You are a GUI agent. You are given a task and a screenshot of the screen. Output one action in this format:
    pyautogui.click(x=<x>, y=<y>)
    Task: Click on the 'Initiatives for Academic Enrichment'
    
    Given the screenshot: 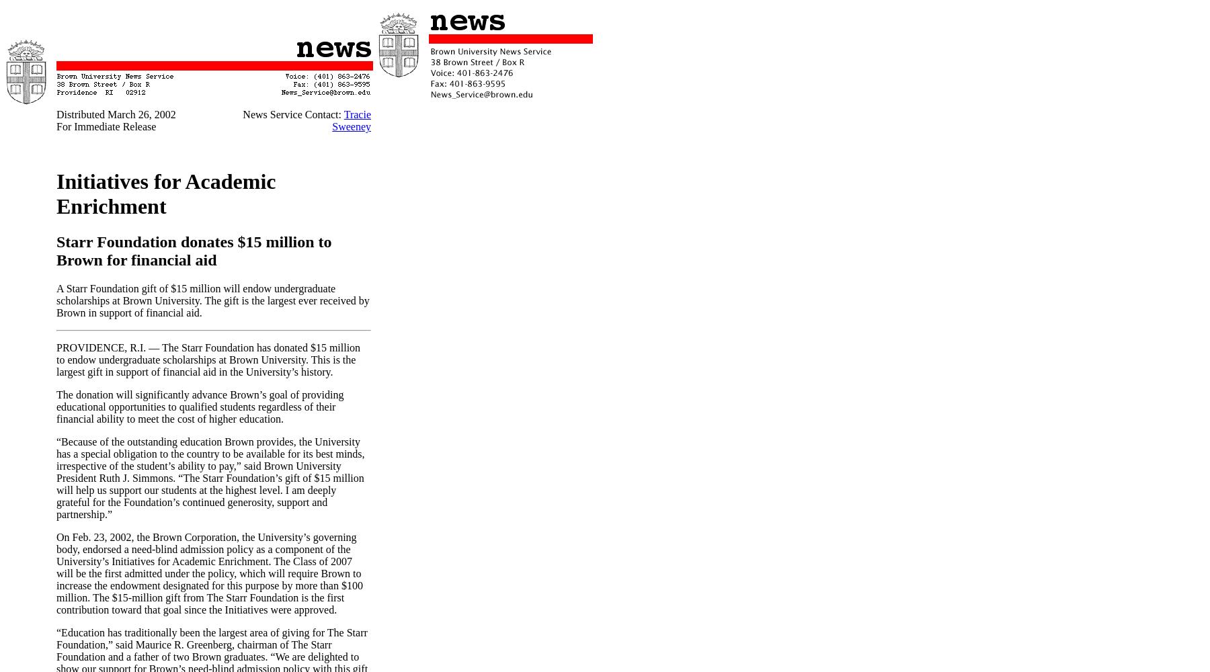 What is the action you would take?
    pyautogui.click(x=165, y=194)
    